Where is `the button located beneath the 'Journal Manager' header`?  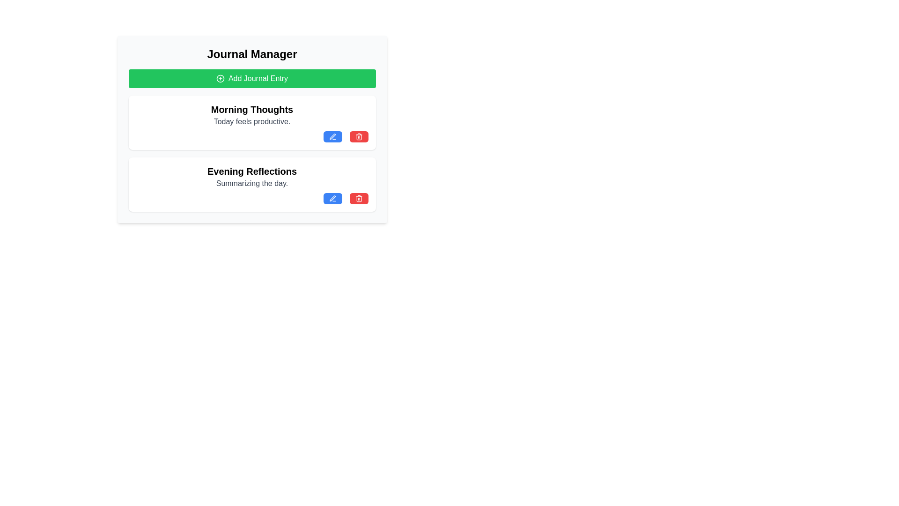
the button located beneath the 'Journal Manager' header is located at coordinates (252, 78).